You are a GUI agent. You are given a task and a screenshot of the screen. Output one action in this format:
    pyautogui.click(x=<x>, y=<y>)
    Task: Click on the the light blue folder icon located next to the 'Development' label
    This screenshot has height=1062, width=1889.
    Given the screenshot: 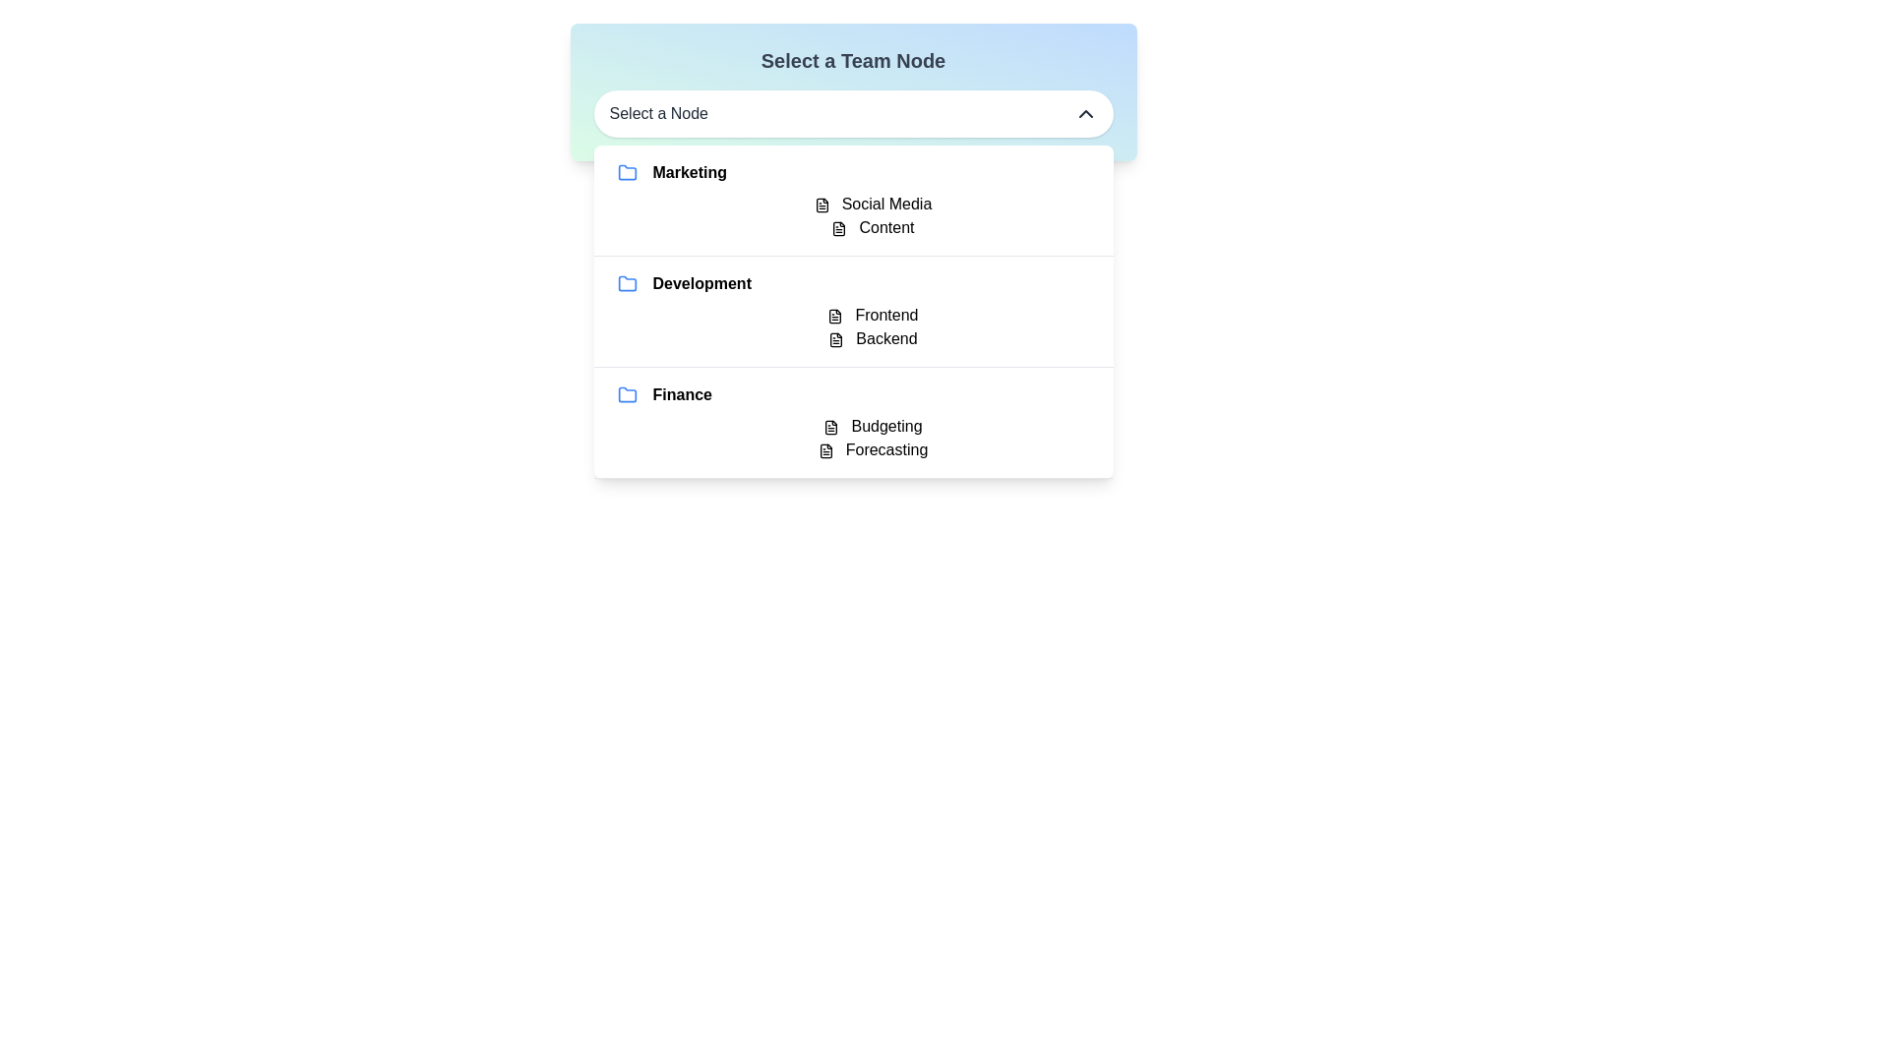 What is the action you would take?
    pyautogui.click(x=626, y=283)
    